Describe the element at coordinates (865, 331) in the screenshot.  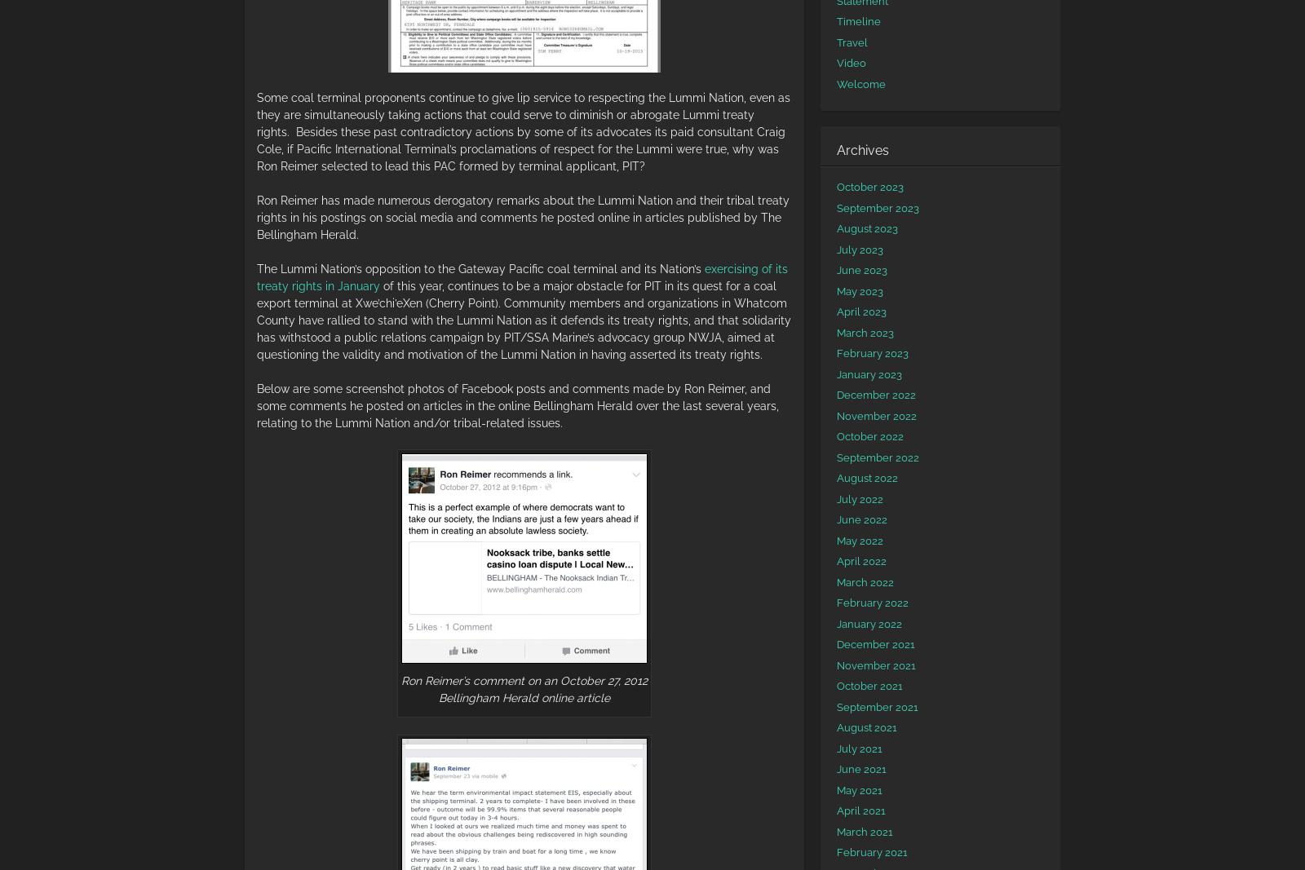
I see `'March 2023'` at that location.